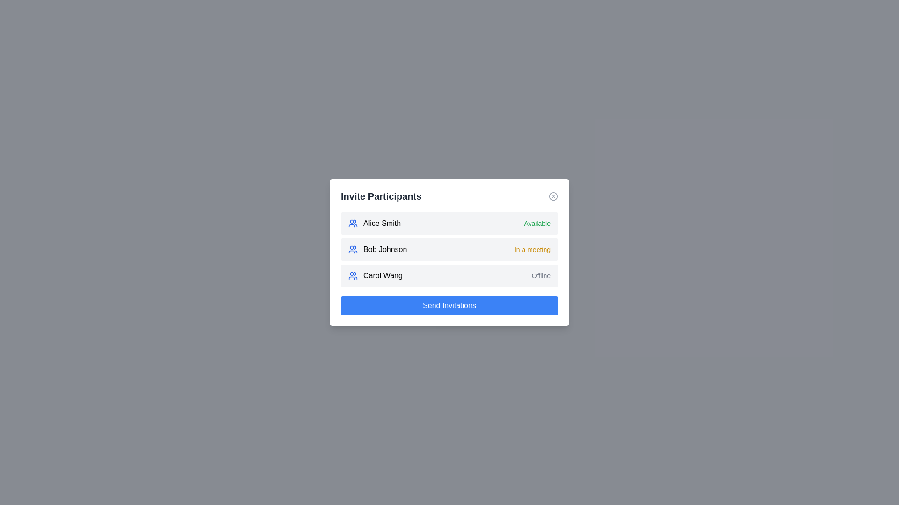 This screenshot has width=899, height=505. I want to click on close button in the top-right corner of the dialog to close it, so click(553, 196).